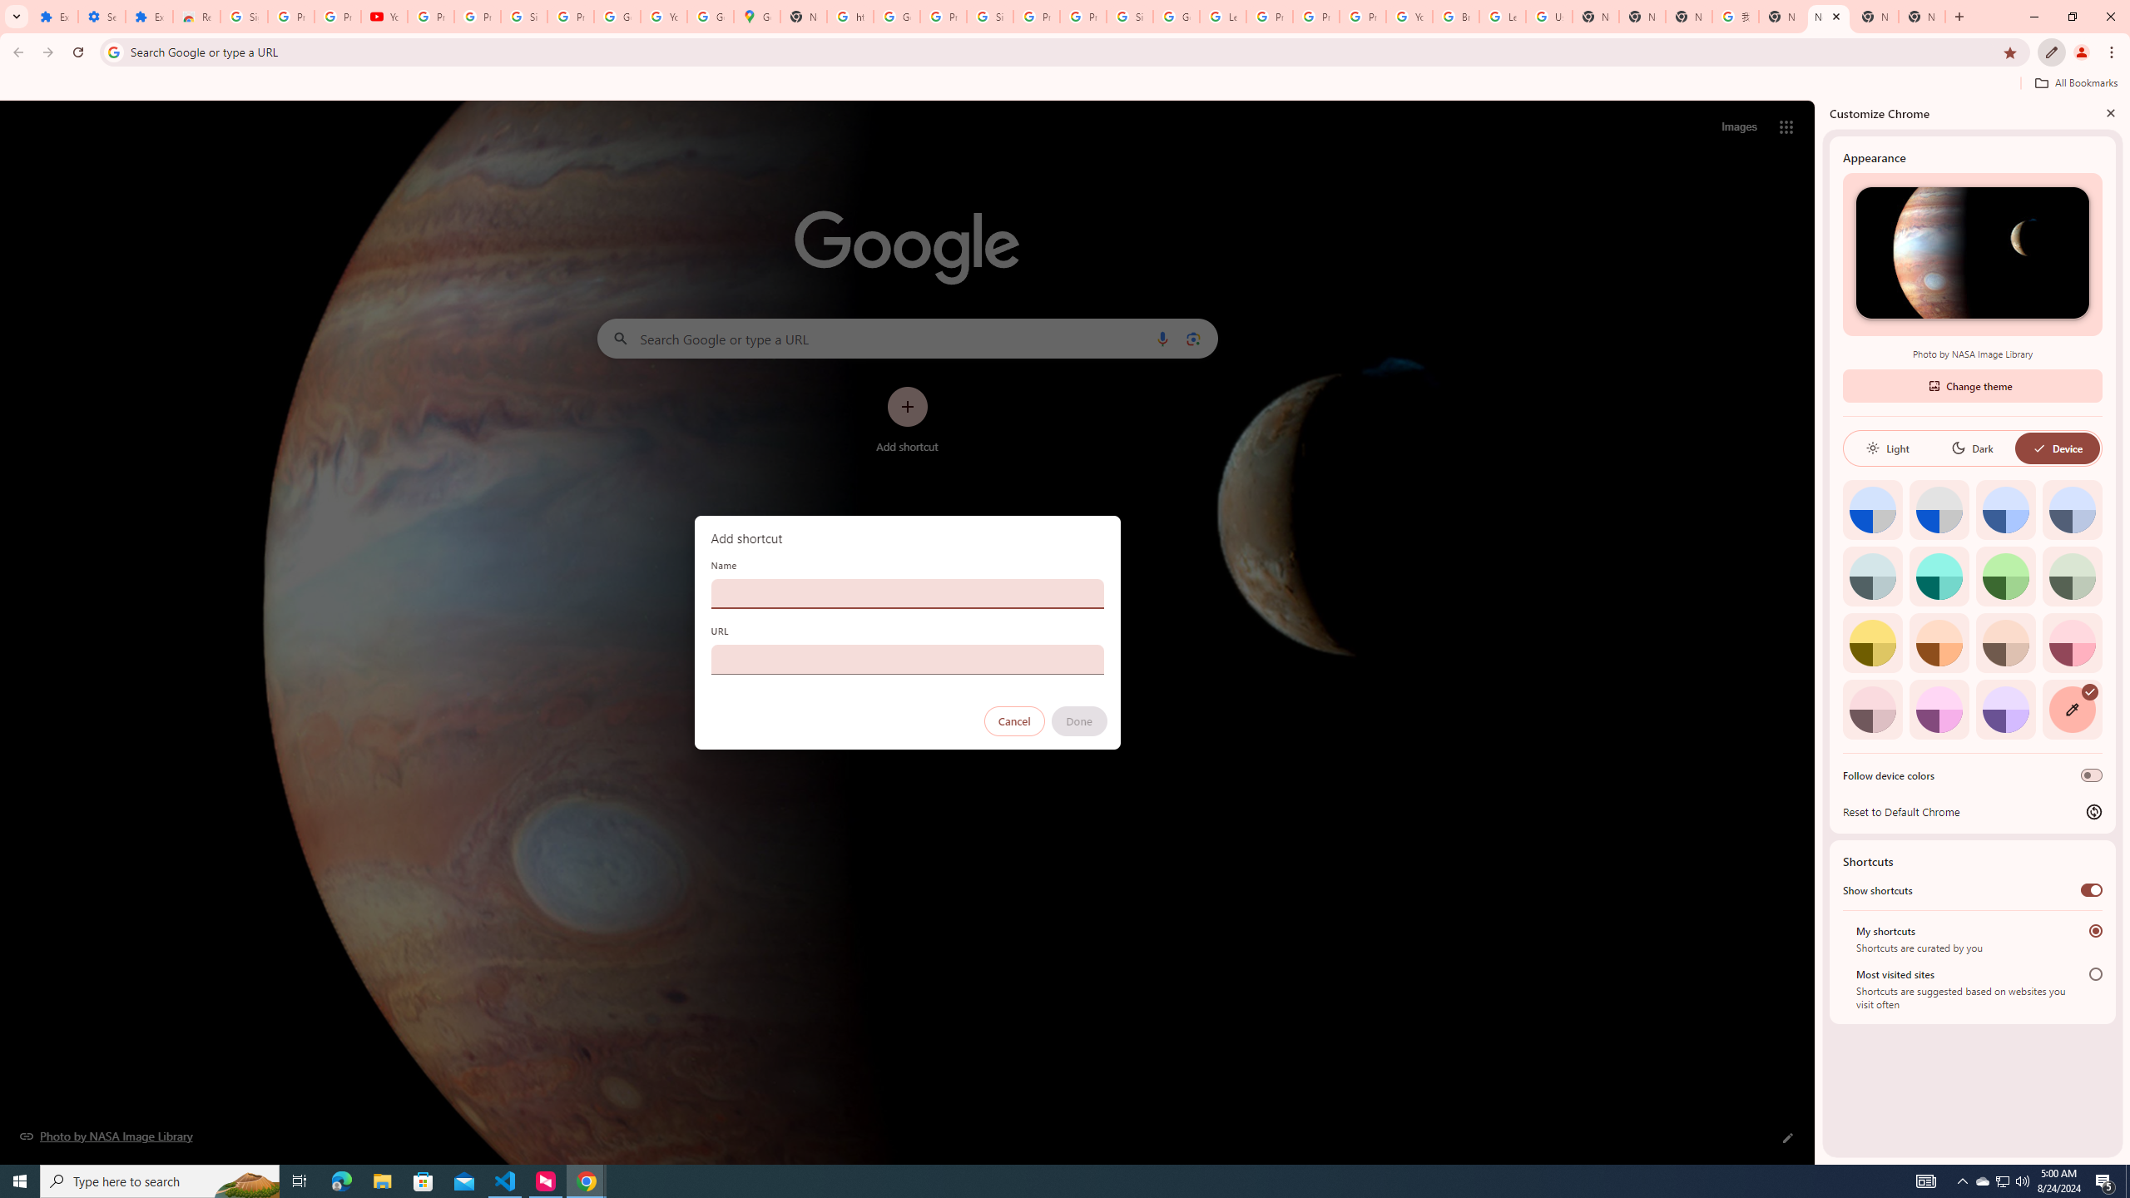 This screenshot has width=2130, height=1198. What do you see at coordinates (1013, 720) in the screenshot?
I see `'Cancel'` at bounding box center [1013, 720].